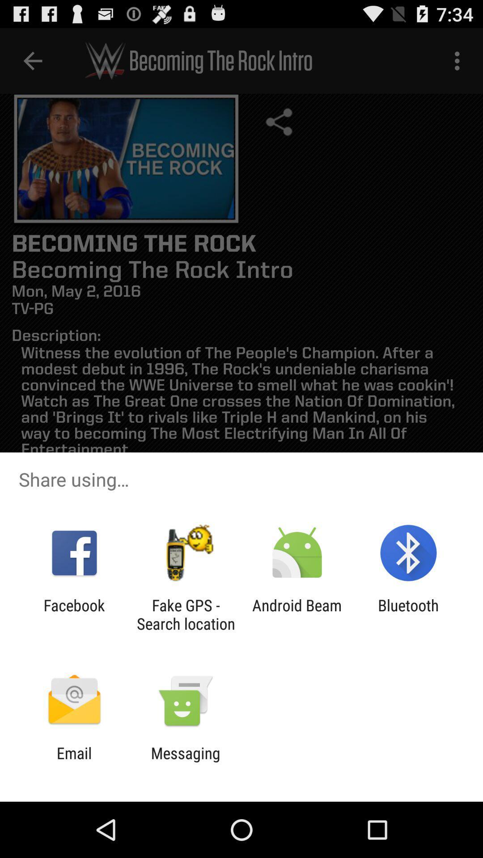  I want to click on item next to the bluetooth app, so click(297, 614).